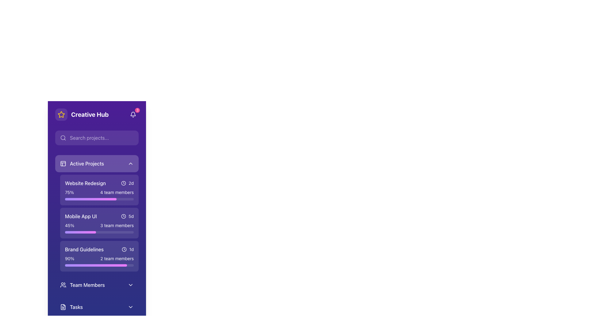 The image size is (589, 331). I want to click on the 'Mobile App UI' project information card, so click(99, 223).